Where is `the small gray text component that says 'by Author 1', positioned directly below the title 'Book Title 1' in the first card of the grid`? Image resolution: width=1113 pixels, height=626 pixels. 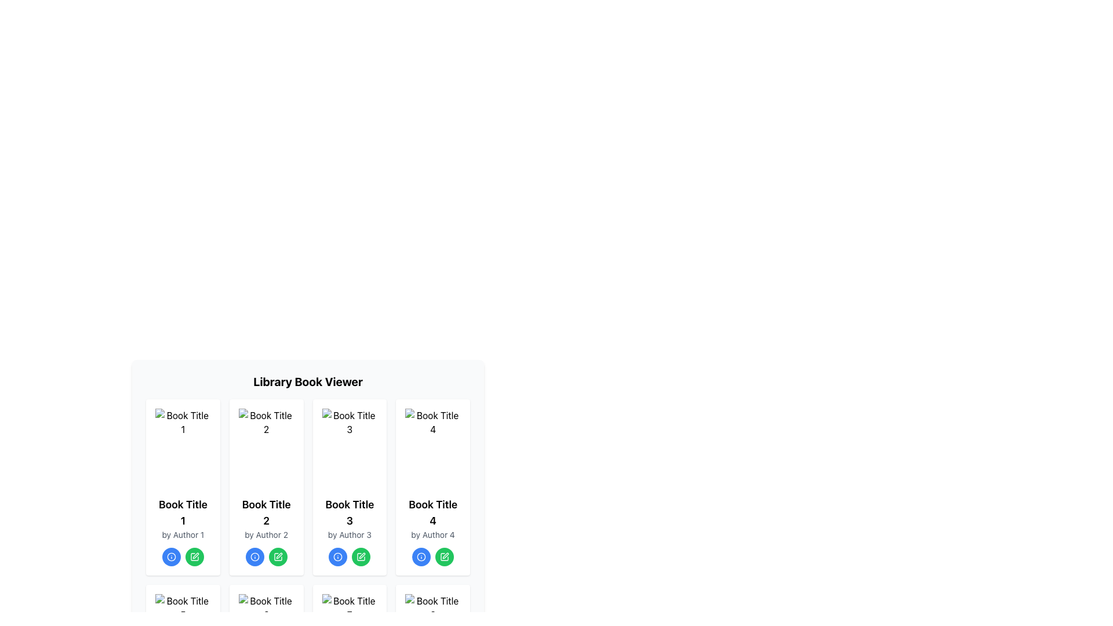
the small gray text component that says 'by Author 1', positioned directly below the title 'Book Title 1' in the first card of the grid is located at coordinates (182, 534).